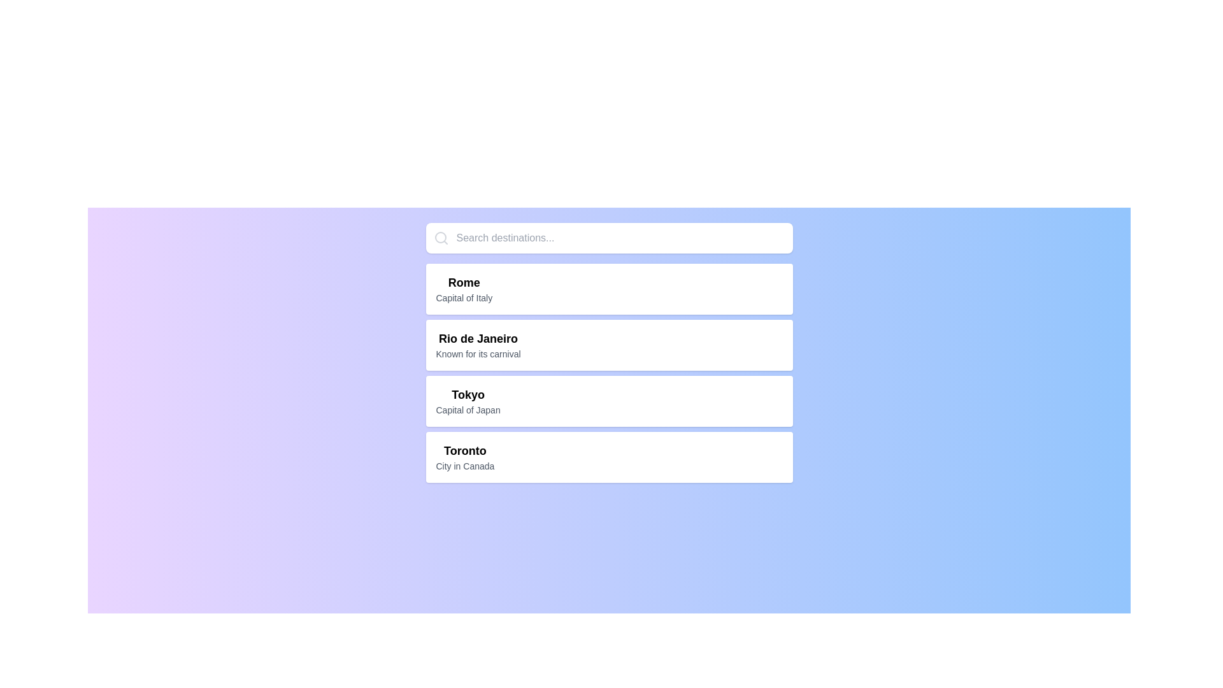  I want to click on text content of the label displaying 'Toronto' in the fourth entry of the destination list, which is aligned at the top of the entry and centered horizontally above 'City in Canada', so click(464, 450).